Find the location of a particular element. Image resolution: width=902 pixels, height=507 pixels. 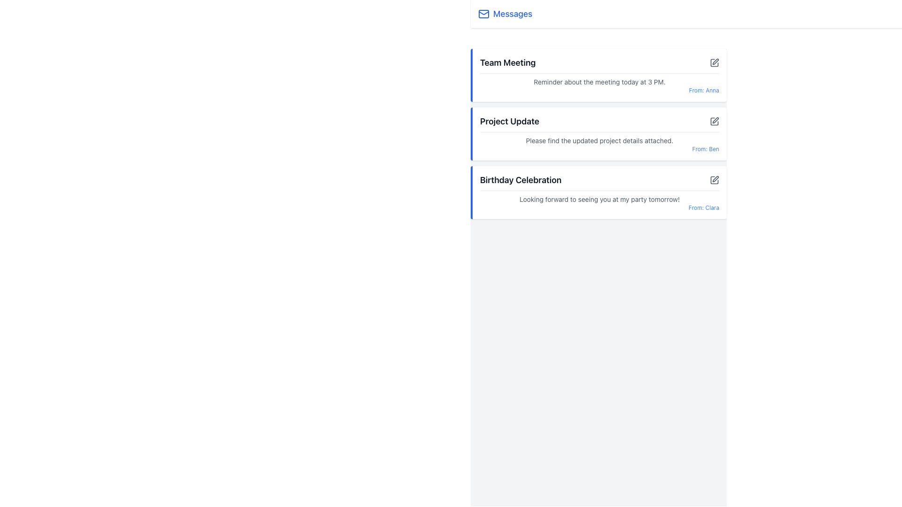

the small, square pencil icon button located on the far right of the 'Team Meeting' section to initiate editing is located at coordinates (714, 63).